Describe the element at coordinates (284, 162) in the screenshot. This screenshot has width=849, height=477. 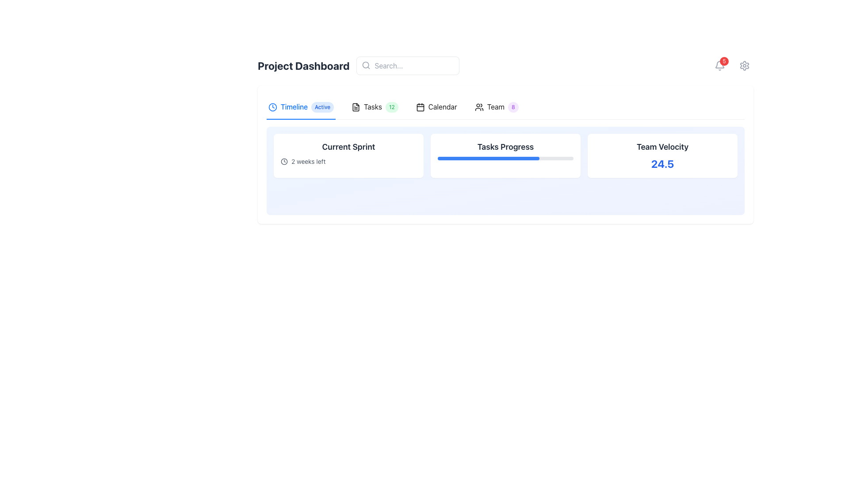
I see `the clock icon located in the 'Current Sprint' card, which indicates a time-based deadline and is positioned adjacent to the text '2 weeks left'` at that location.